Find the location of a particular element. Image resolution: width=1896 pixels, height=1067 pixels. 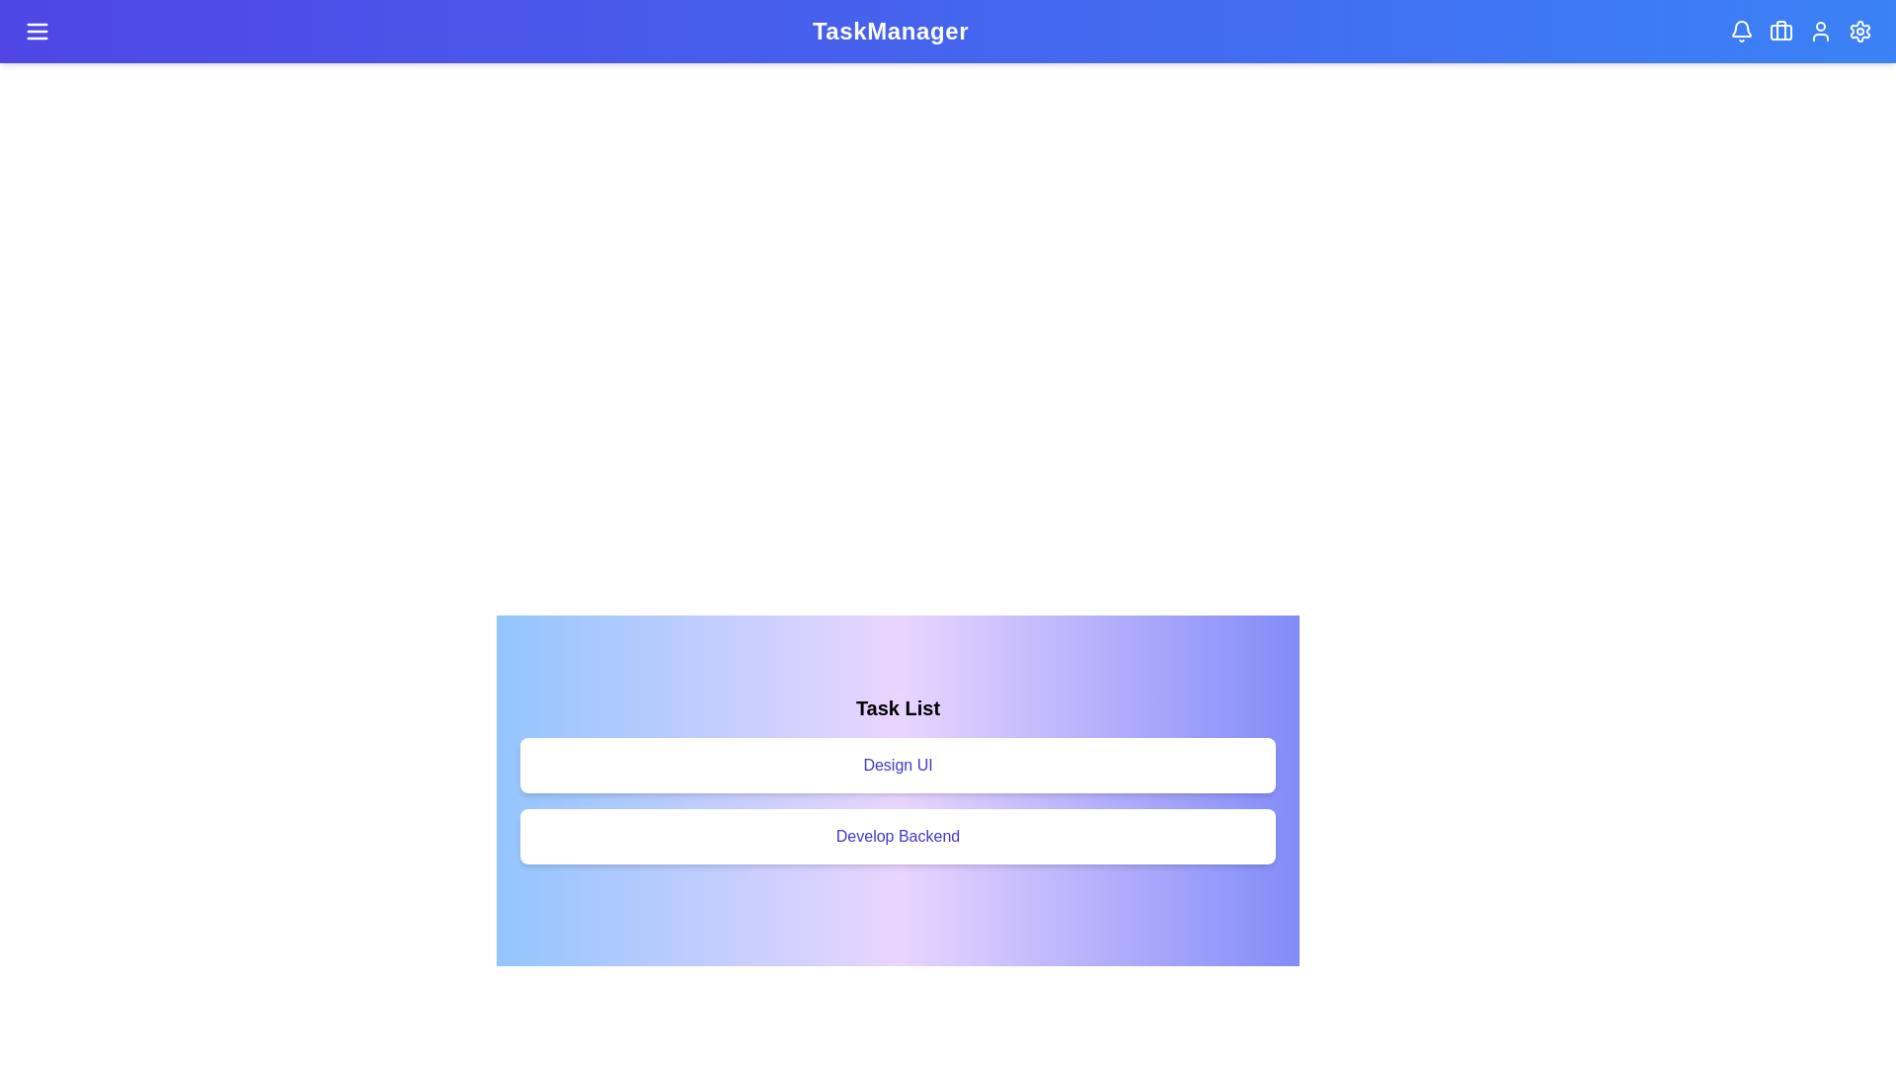

the notifications header icon is located at coordinates (1741, 31).